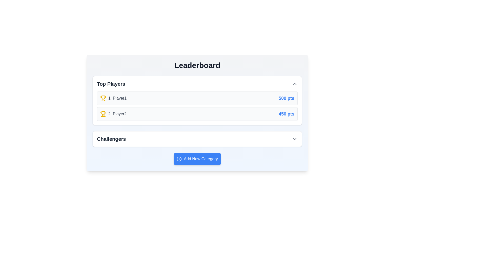 The width and height of the screenshot is (486, 273). What do you see at coordinates (113, 98) in the screenshot?
I see `the text label '1: Player1' with a yellow trophy-shaped icon, which is the first entry in the leaderboard section under 'Top Players'` at bounding box center [113, 98].